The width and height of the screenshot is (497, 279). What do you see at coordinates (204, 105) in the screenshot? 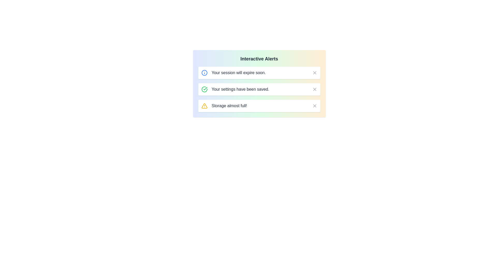
I see `the triangular warning icon with a yellow border and a red exclamation point, which is part of the alert message 'Storage almost full!' located at the bottom left of the message box` at bounding box center [204, 105].